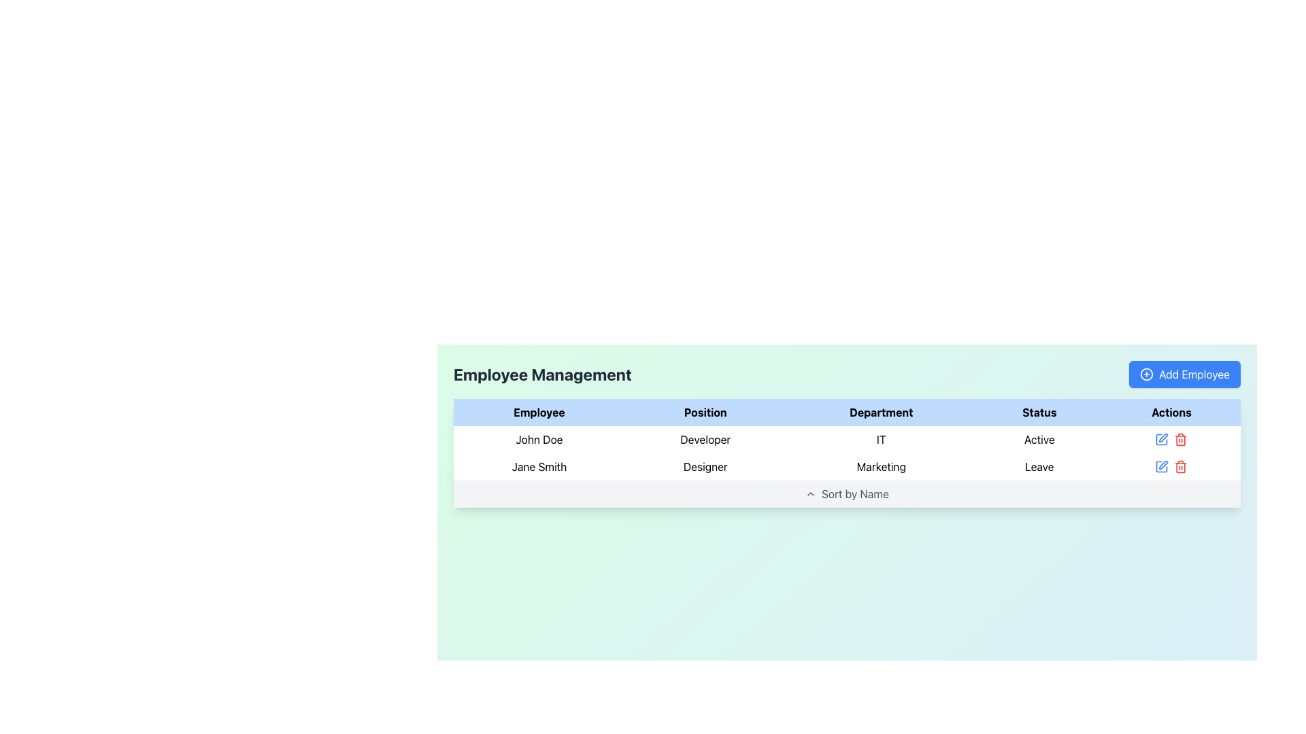  Describe the element at coordinates (1184, 374) in the screenshot. I see `the rectangular 'Add Employee' button located at the top-right corner of the 'Employee Management' section` at that location.